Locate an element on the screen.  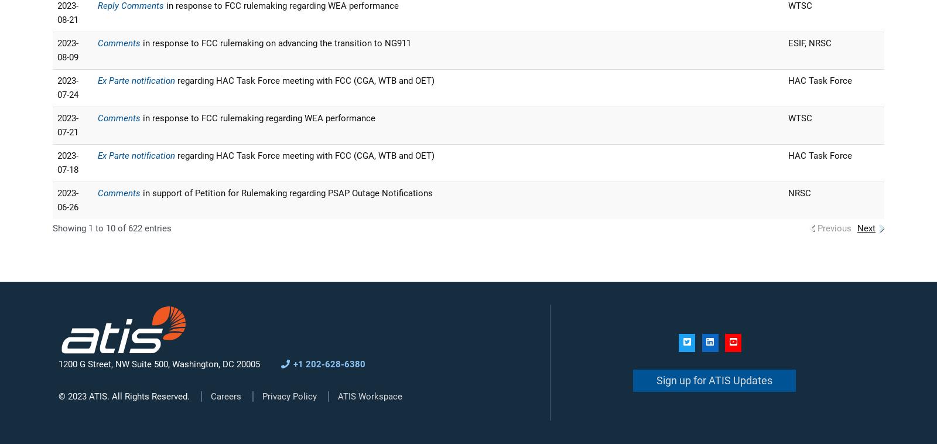
'Showing 1 to 10 of 622 entries' is located at coordinates (52, 227).